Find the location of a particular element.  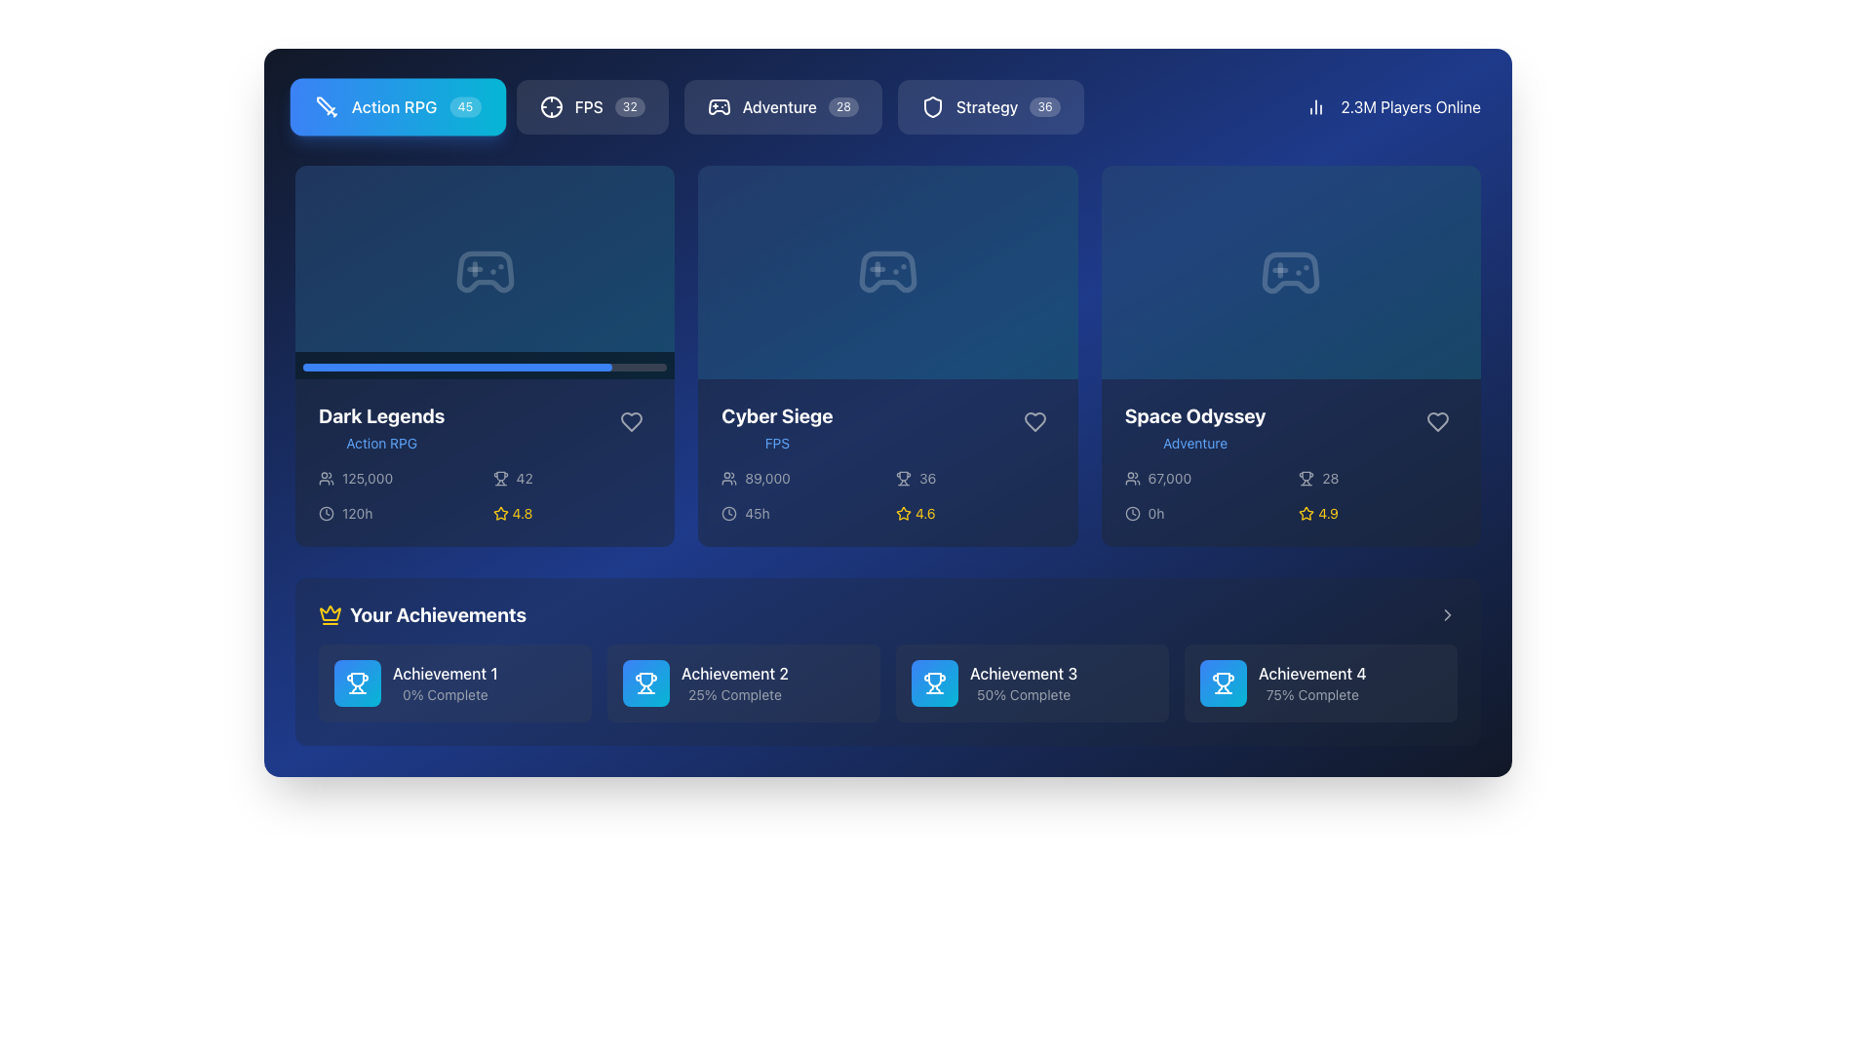

the gaming icon associated with 'Dark Legends', which is centrally located in the first card of game descriptions, slightly above the descriptive text and horizontally aligned with the title is located at coordinates (485, 272).